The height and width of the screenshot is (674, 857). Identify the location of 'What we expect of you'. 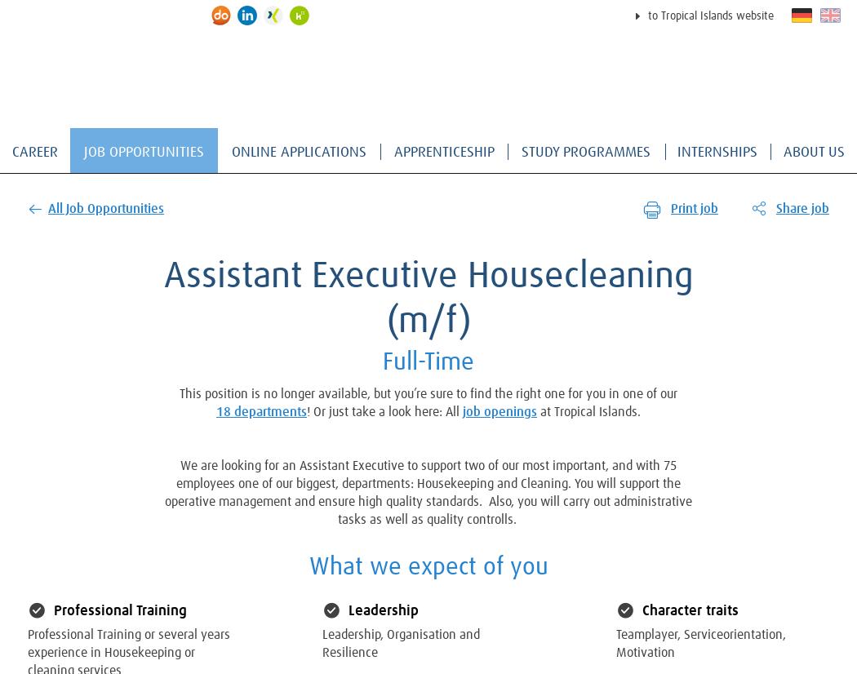
(427, 565).